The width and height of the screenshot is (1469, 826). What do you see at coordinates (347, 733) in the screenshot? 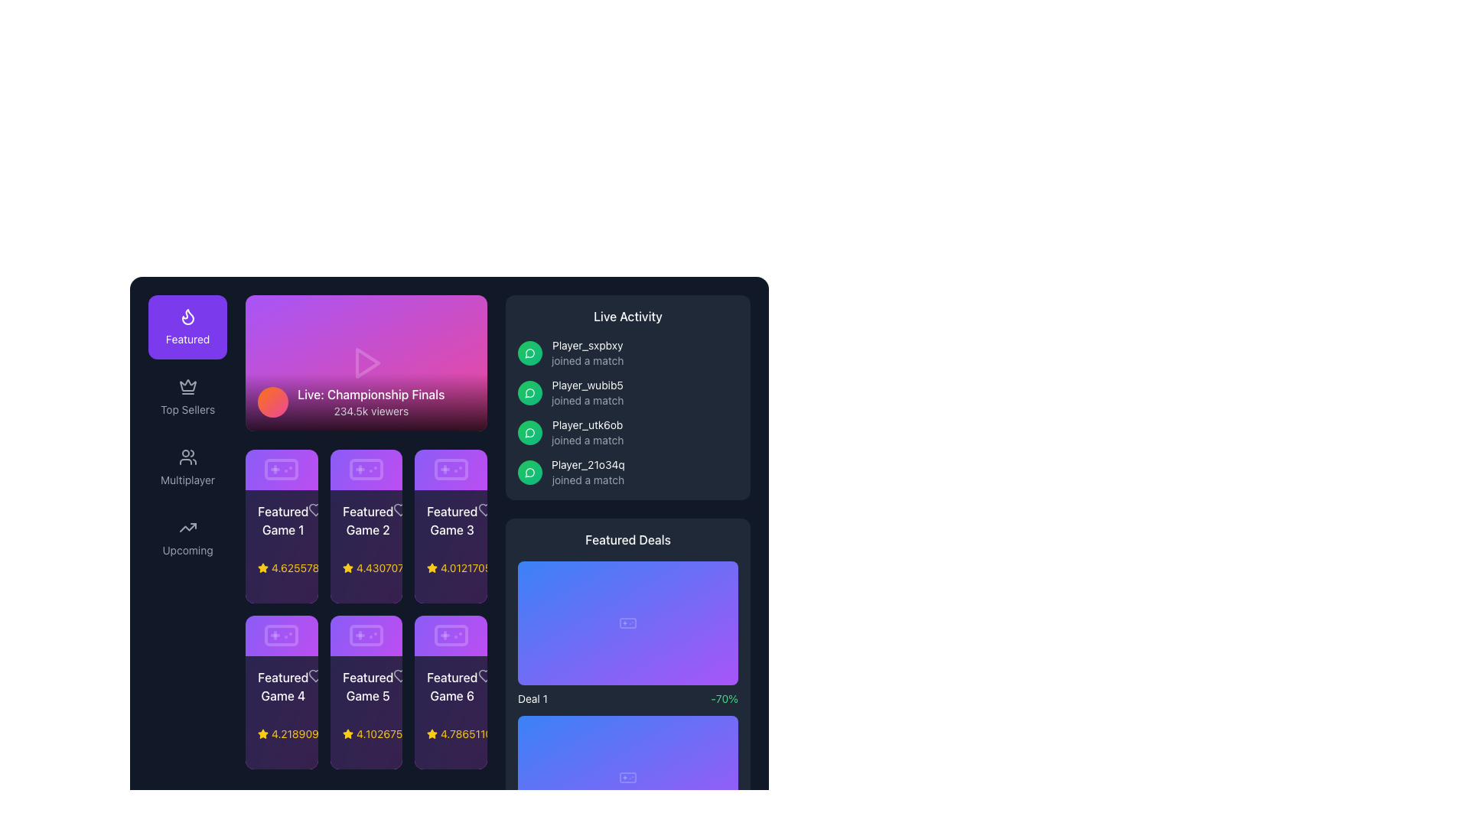
I see `the rating represented by the yellow star-shaped icon located in the second column of the second row under the 'Featured Games' section` at bounding box center [347, 733].